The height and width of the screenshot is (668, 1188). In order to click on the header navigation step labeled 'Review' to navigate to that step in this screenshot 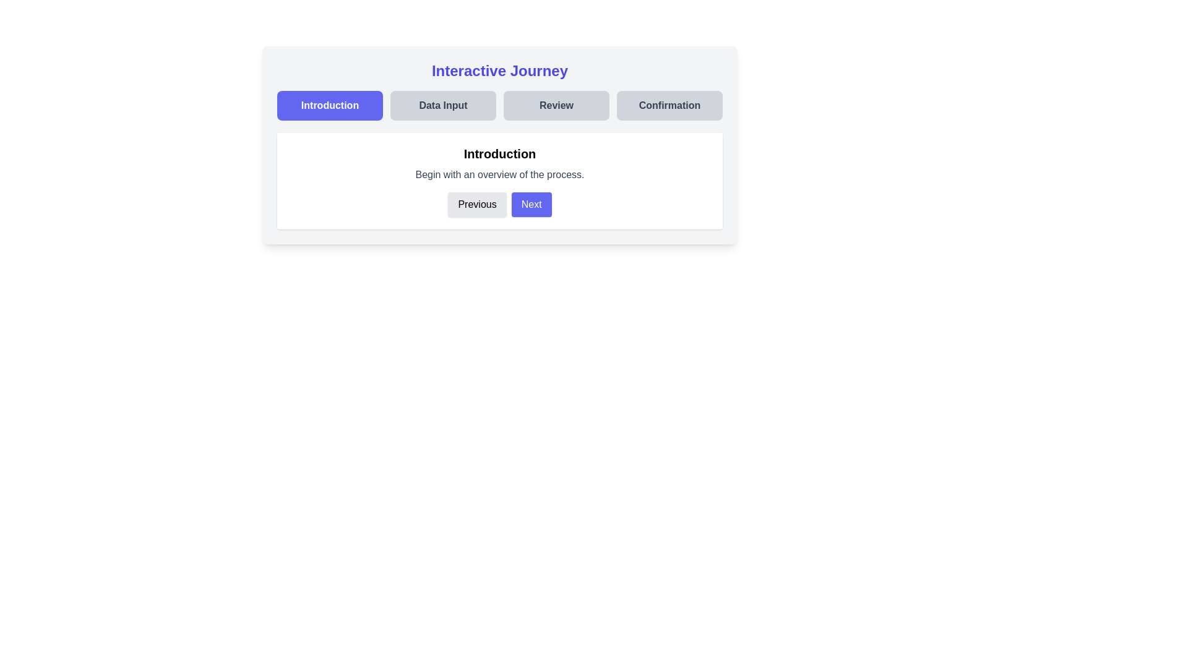, I will do `click(556, 105)`.